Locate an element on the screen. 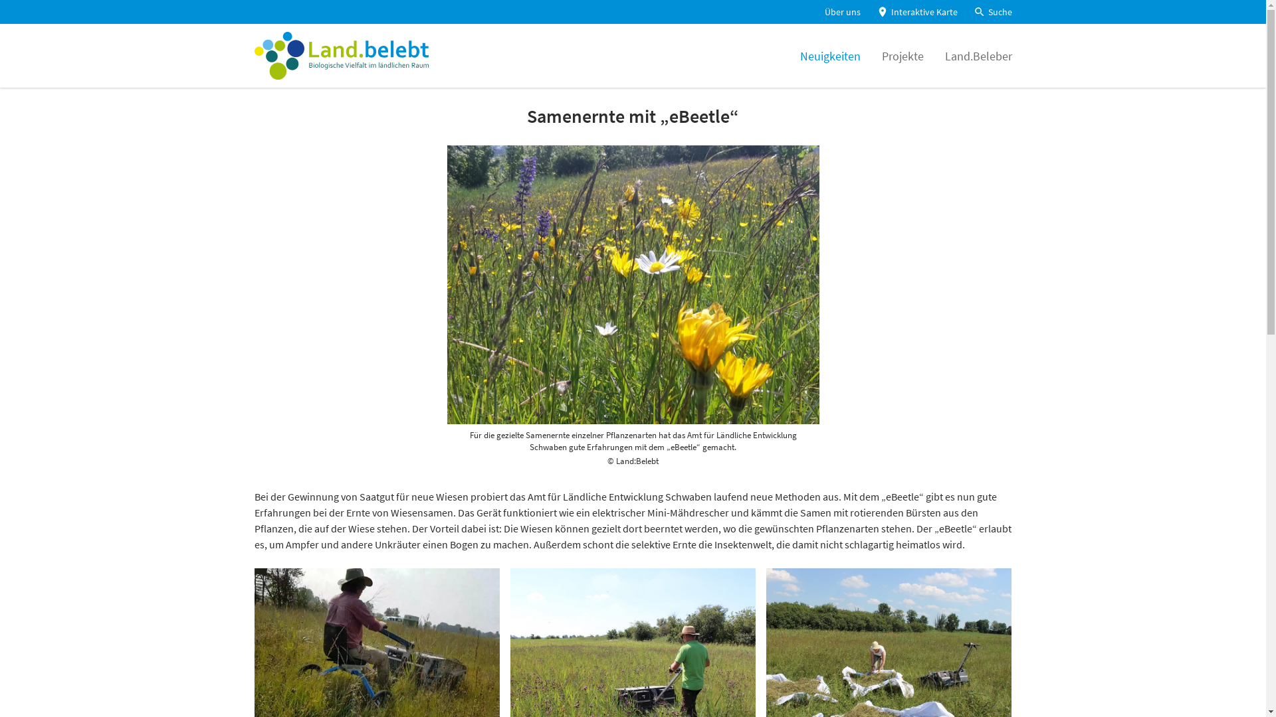  'Suche' is located at coordinates (992, 12).